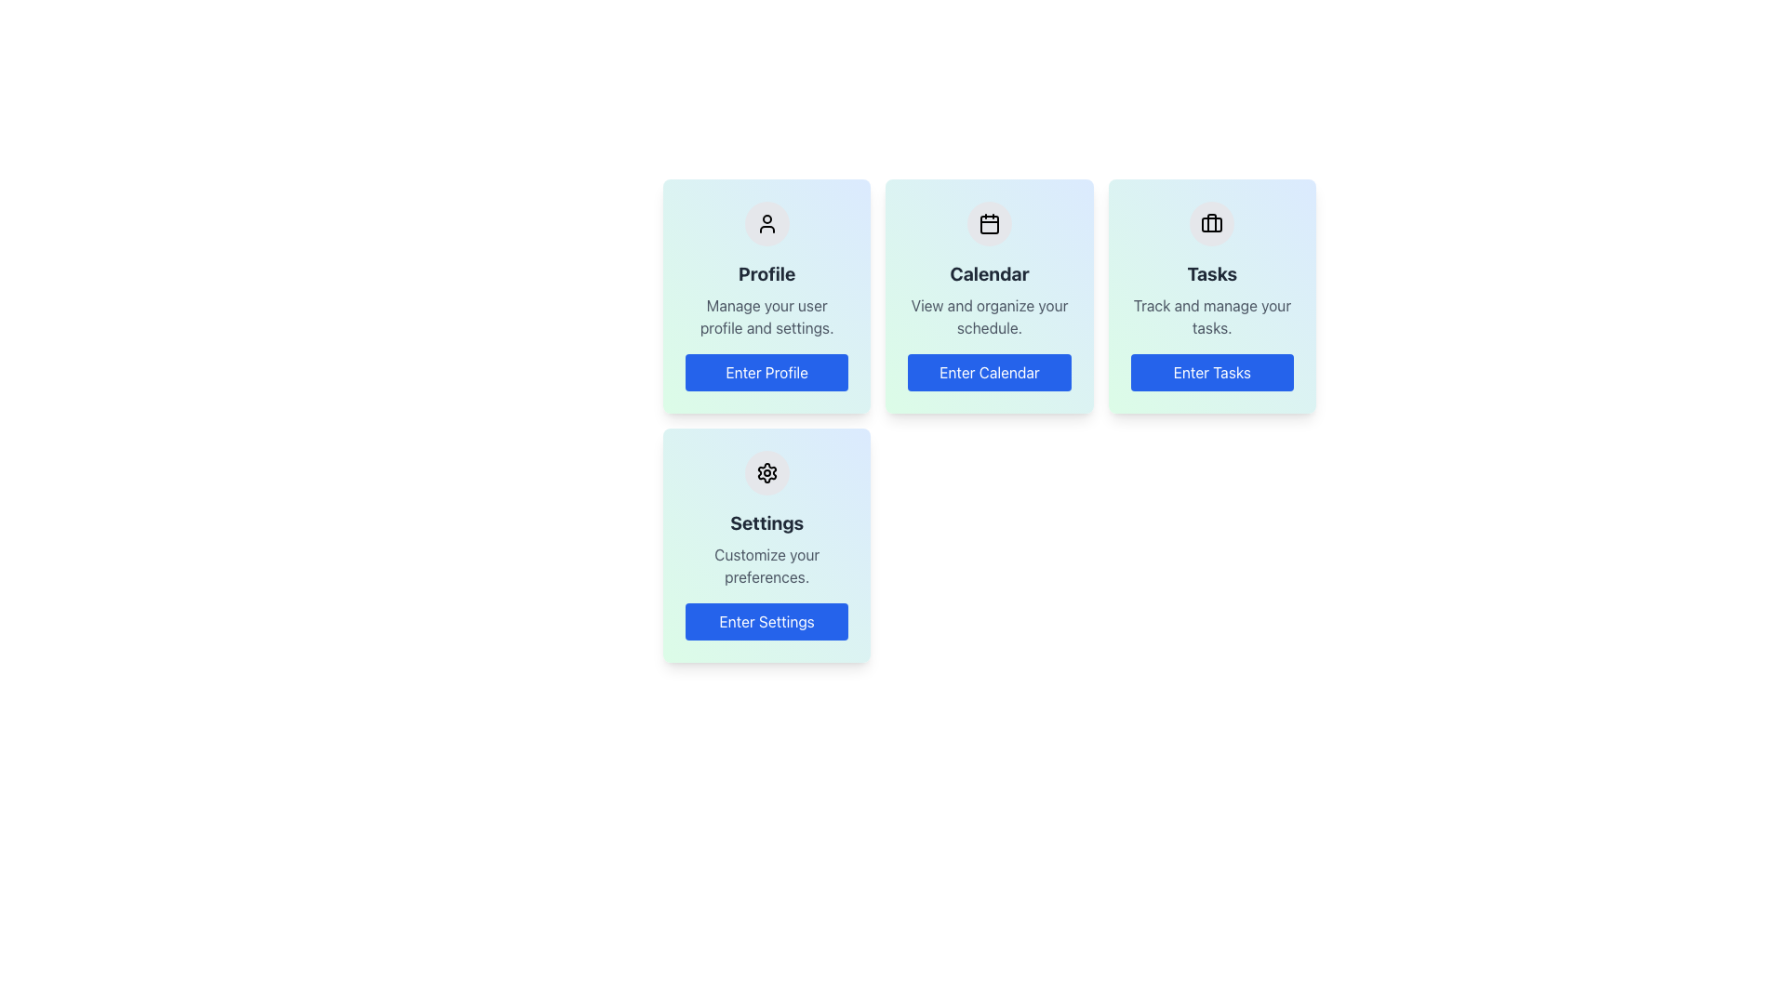  I want to click on the icon located at the top of the 'Calendar' card, which serves as a visual identifier for the Calendar feature, so click(989, 222).